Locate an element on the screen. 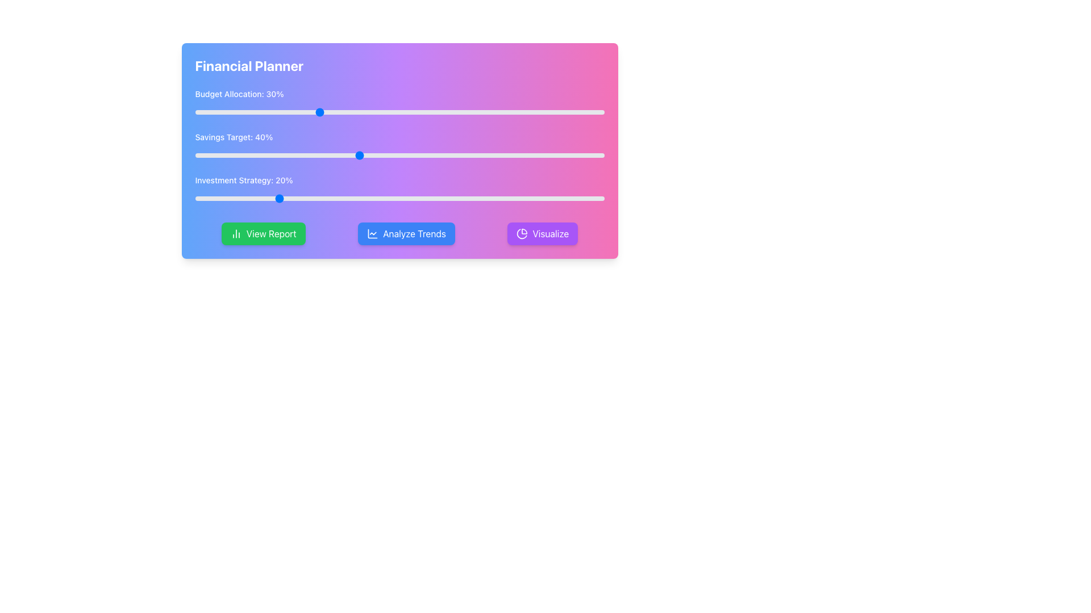 The height and width of the screenshot is (613, 1091). the budget allocation slider is located at coordinates (509, 112).